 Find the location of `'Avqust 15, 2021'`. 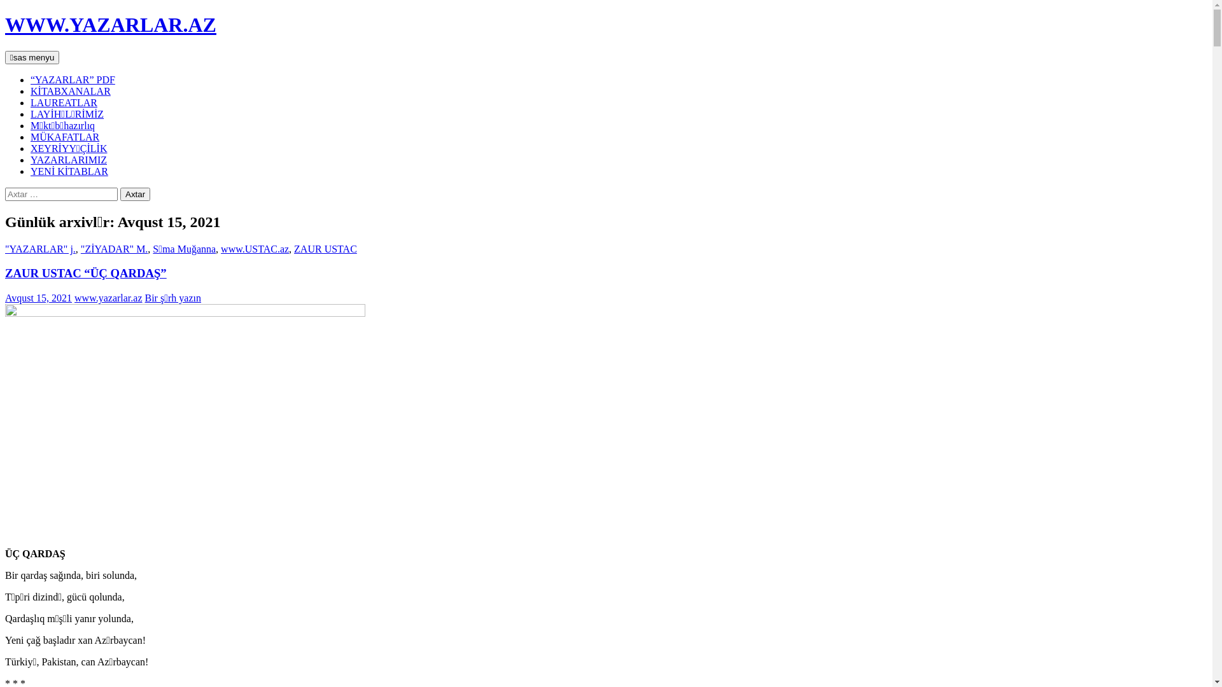

'Avqust 15, 2021' is located at coordinates (5, 298).